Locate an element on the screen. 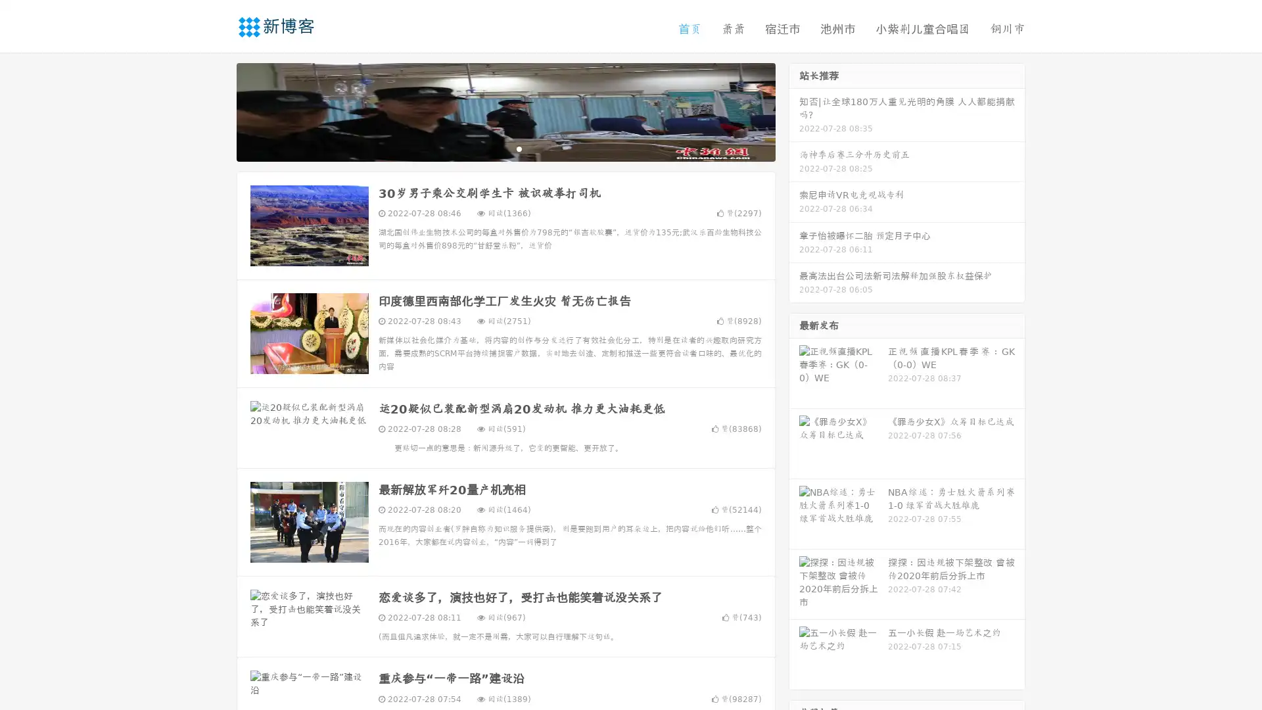  Previous slide is located at coordinates (217, 110).